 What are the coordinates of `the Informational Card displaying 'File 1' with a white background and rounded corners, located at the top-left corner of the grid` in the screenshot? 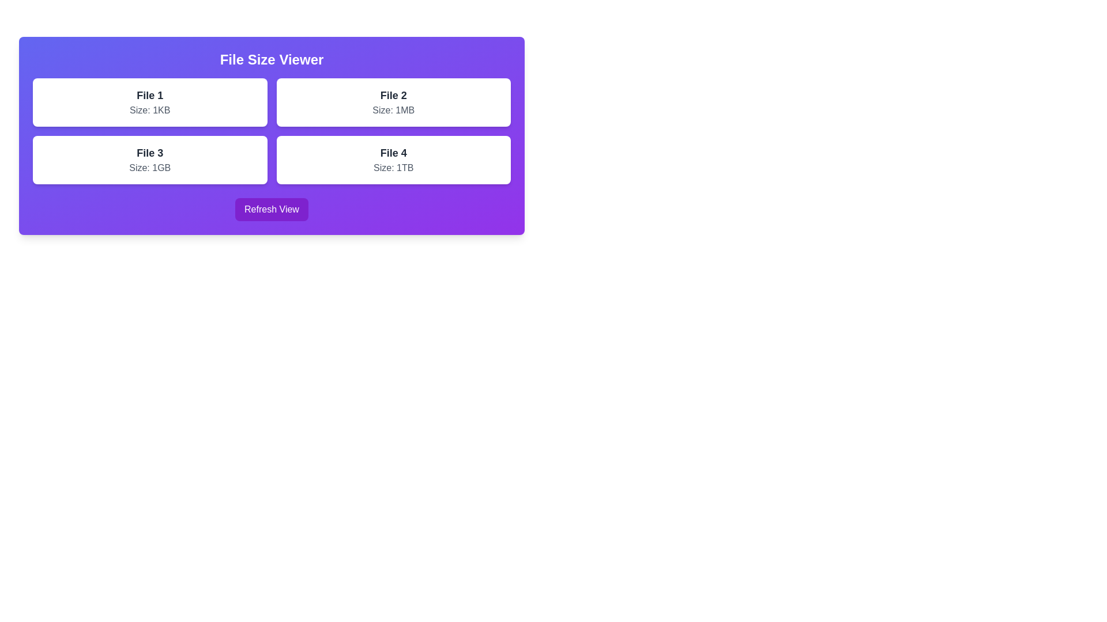 It's located at (149, 101).